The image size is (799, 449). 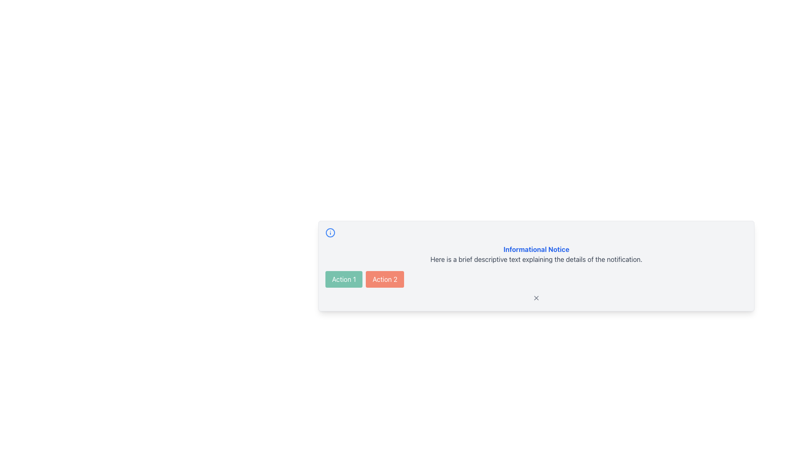 What do you see at coordinates (330, 232) in the screenshot?
I see `the informational icon located at the upper-left corner of the notification card, which is aligned above the 'Action 1' and 'Action 2' buttons and on the same horizontal level as the header text 'Informational Notice'` at bounding box center [330, 232].